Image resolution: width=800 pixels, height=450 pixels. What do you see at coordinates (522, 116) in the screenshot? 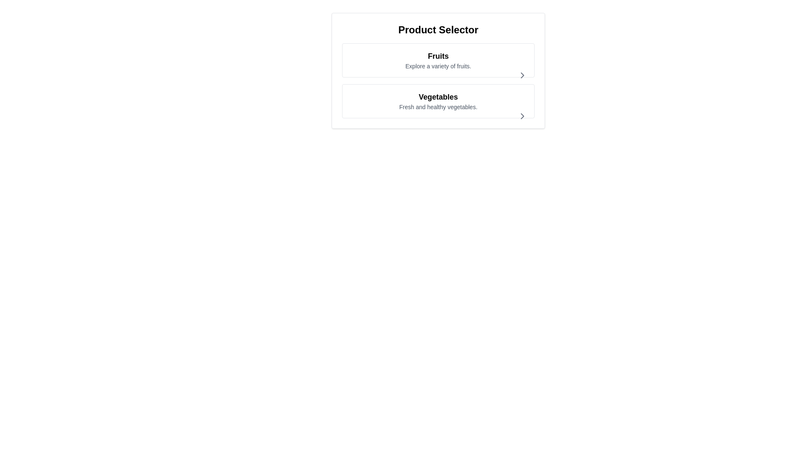
I see `the Right-chevron navigation icon at the far right of the 'Vegetables' selection card` at bounding box center [522, 116].